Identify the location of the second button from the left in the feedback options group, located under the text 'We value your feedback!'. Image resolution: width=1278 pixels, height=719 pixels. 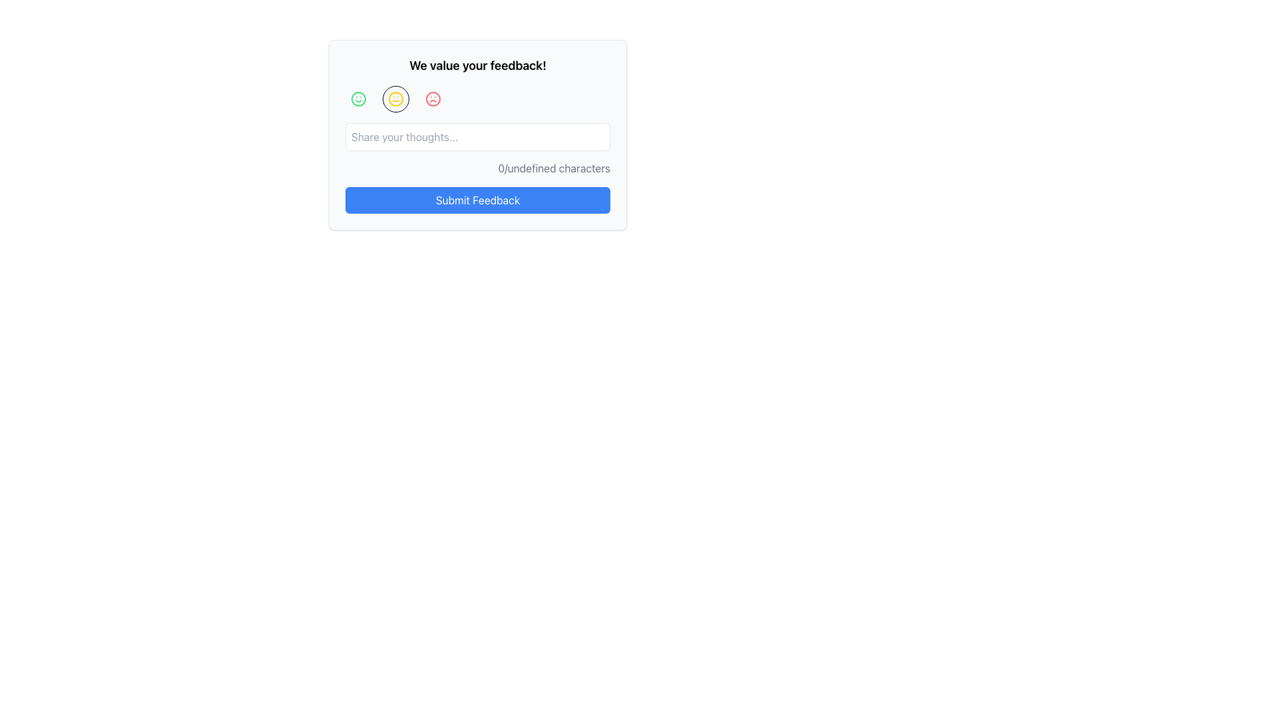
(395, 99).